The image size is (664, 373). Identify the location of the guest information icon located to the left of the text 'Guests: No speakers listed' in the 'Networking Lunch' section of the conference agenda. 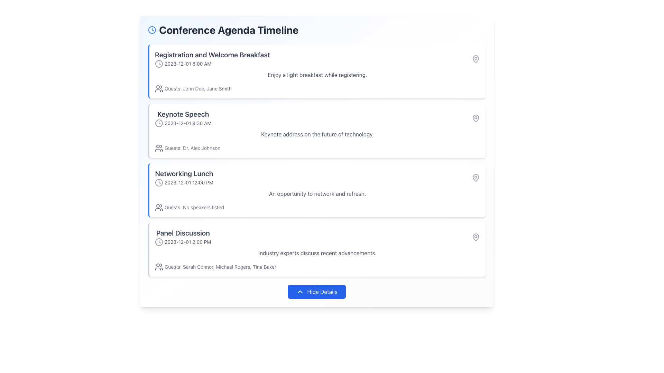
(159, 207).